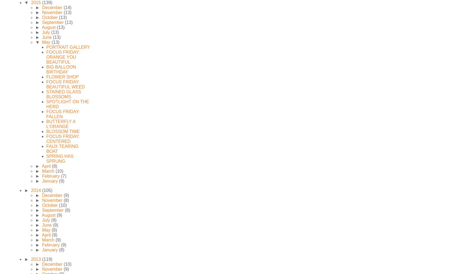 The height and width of the screenshot is (274, 457). Describe the element at coordinates (63, 139) in the screenshot. I see `'FOCUS FRIDAY: CENTERED'` at that location.